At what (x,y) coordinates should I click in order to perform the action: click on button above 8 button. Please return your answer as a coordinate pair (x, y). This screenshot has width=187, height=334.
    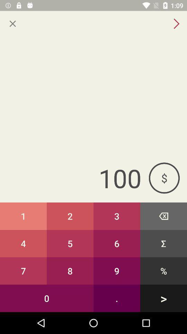
    Looking at the image, I should click on (117, 244).